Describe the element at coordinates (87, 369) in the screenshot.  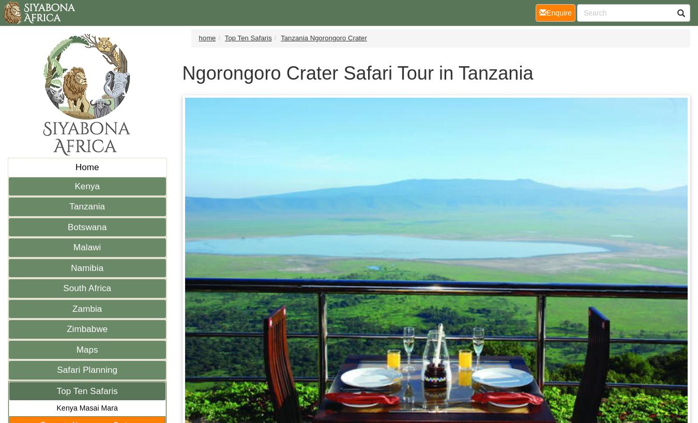
I see `'Safari Planning'` at that location.